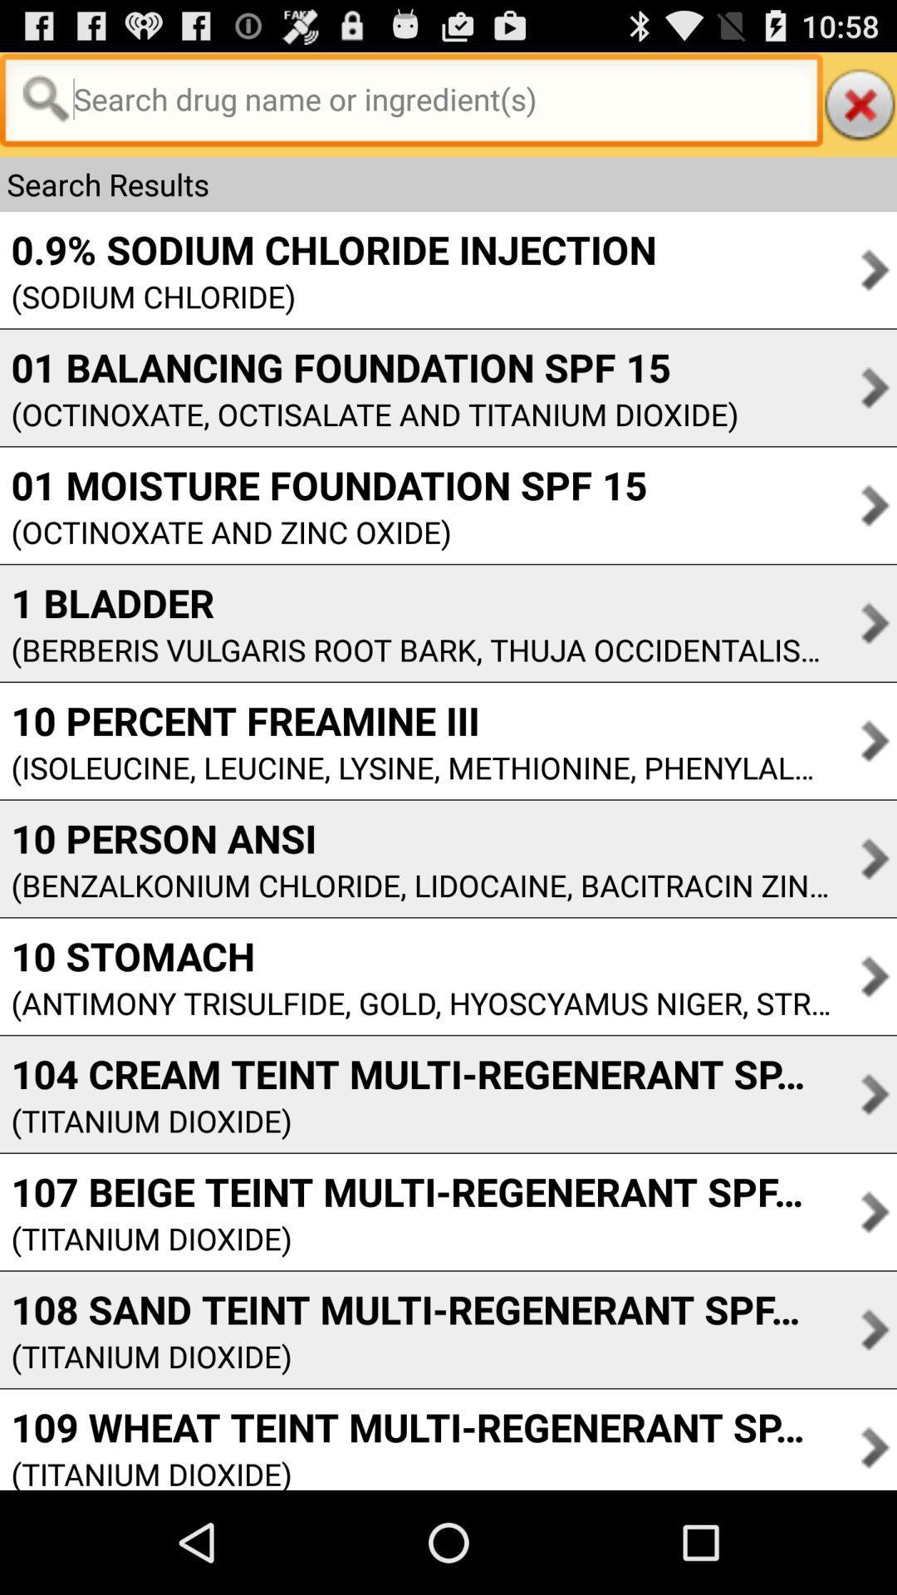  Describe the element at coordinates (411, 103) in the screenshot. I see `search button` at that location.